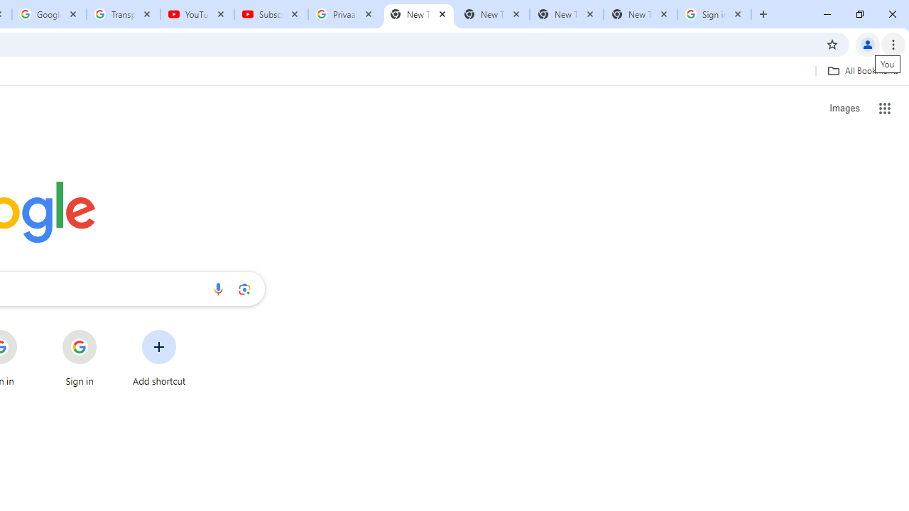  I want to click on 'More actions for Sign in shortcut', so click(107, 331).